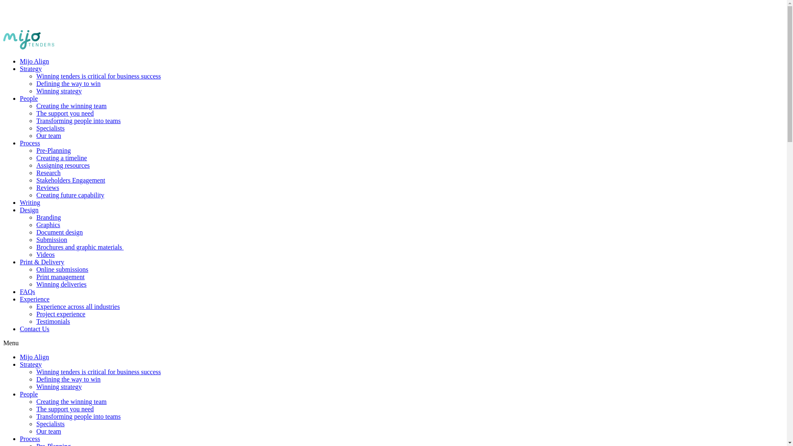 The height and width of the screenshot is (446, 793). What do you see at coordinates (62, 269) in the screenshot?
I see `'Online submissions'` at bounding box center [62, 269].